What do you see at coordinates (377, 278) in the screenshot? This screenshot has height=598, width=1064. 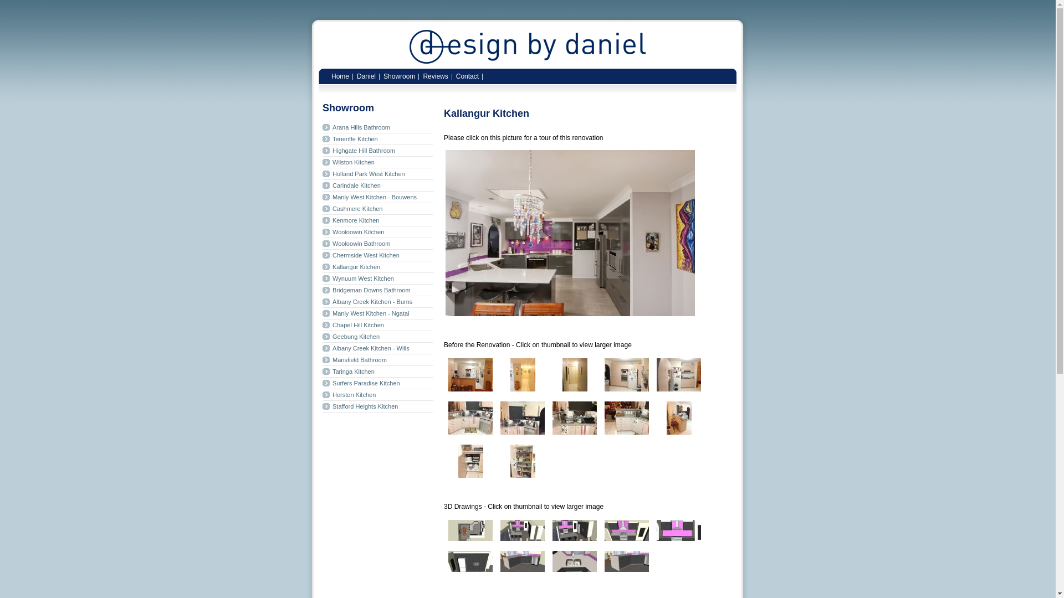 I see `'Wynuum West Kitchen'` at bounding box center [377, 278].